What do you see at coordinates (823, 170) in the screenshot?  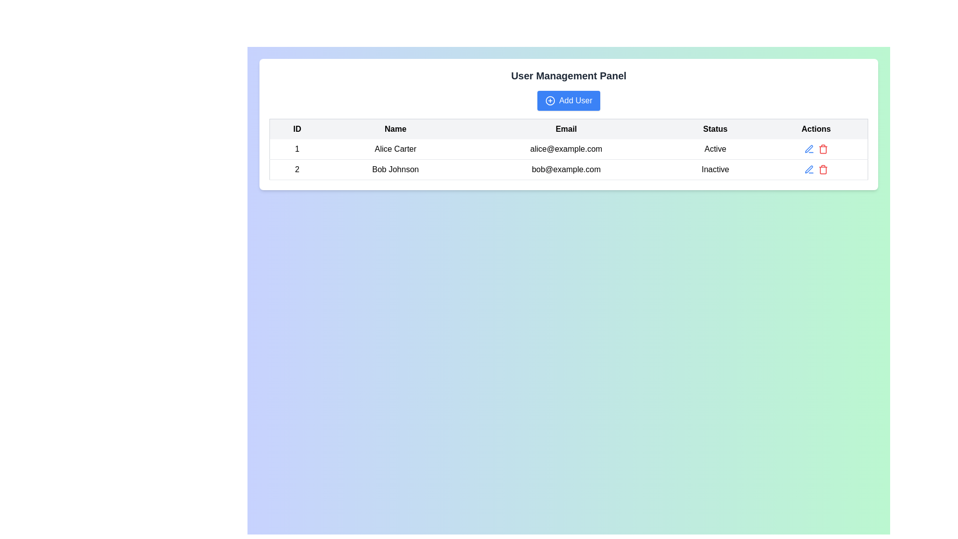 I see `the trash bin icon located in the Actions column of the second row in the user management table, if the interactive wrapper exists` at bounding box center [823, 170].